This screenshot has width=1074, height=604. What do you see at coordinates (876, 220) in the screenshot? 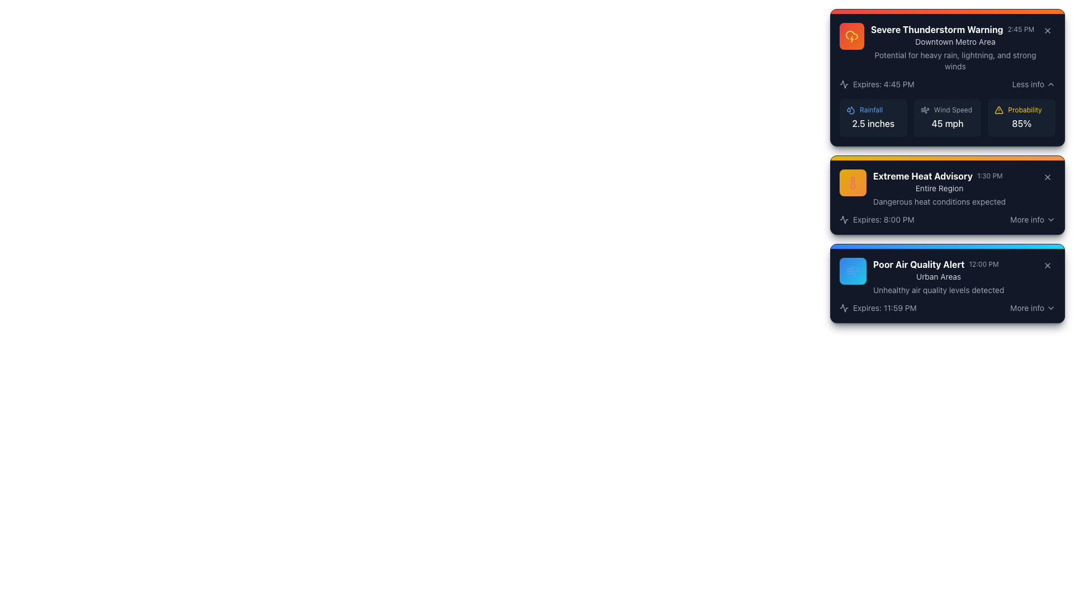
I see `expiration time text located at the bottom-left of the second notification card labeled 'Extreme Heat Advisory', which is directly below the main descriptive text and above the 'More info' link` at bounding box center [876, 220].